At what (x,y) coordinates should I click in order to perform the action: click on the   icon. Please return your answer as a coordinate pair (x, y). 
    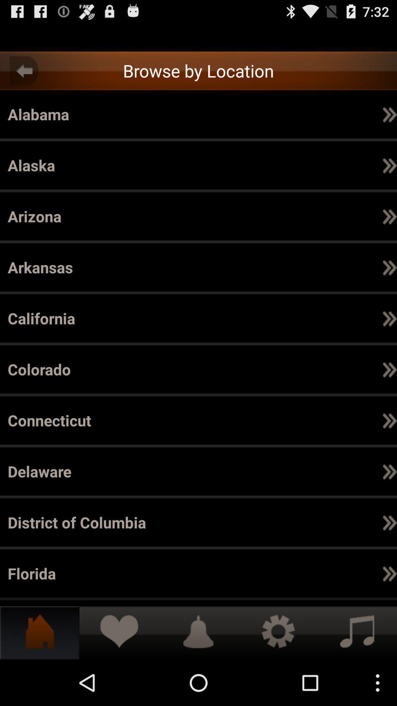
    Looking at the image, I should click on (389, 267).